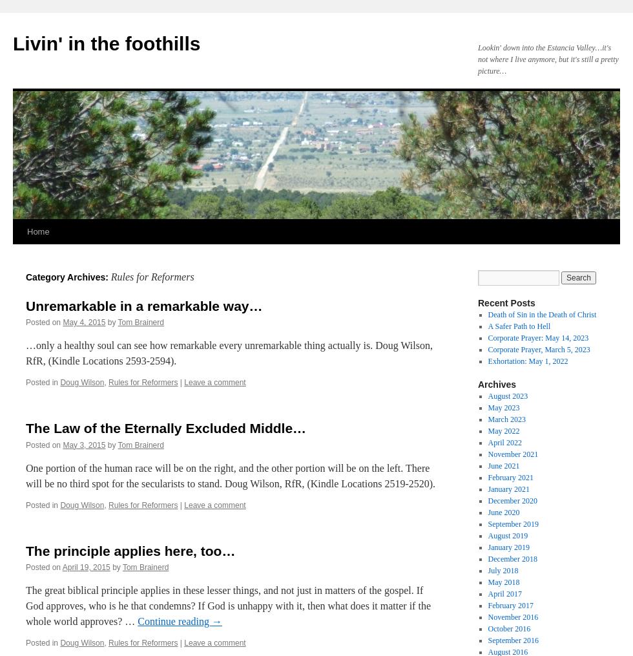  Describe the element at coordinates (512, 454) in the screenshot. I see `'November 2021'` at that location.